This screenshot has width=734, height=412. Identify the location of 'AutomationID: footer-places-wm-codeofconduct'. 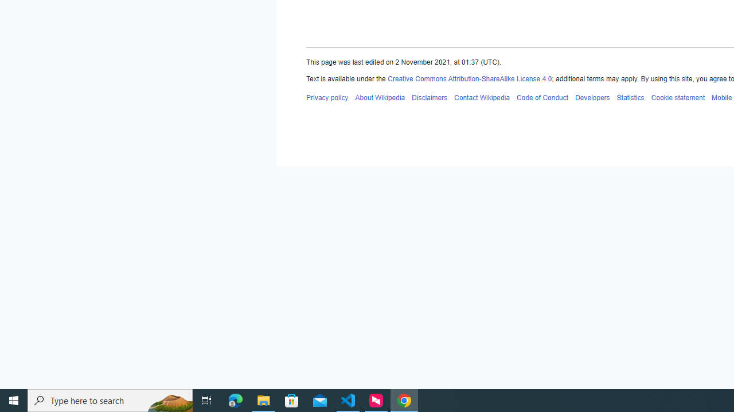
(541, 97).